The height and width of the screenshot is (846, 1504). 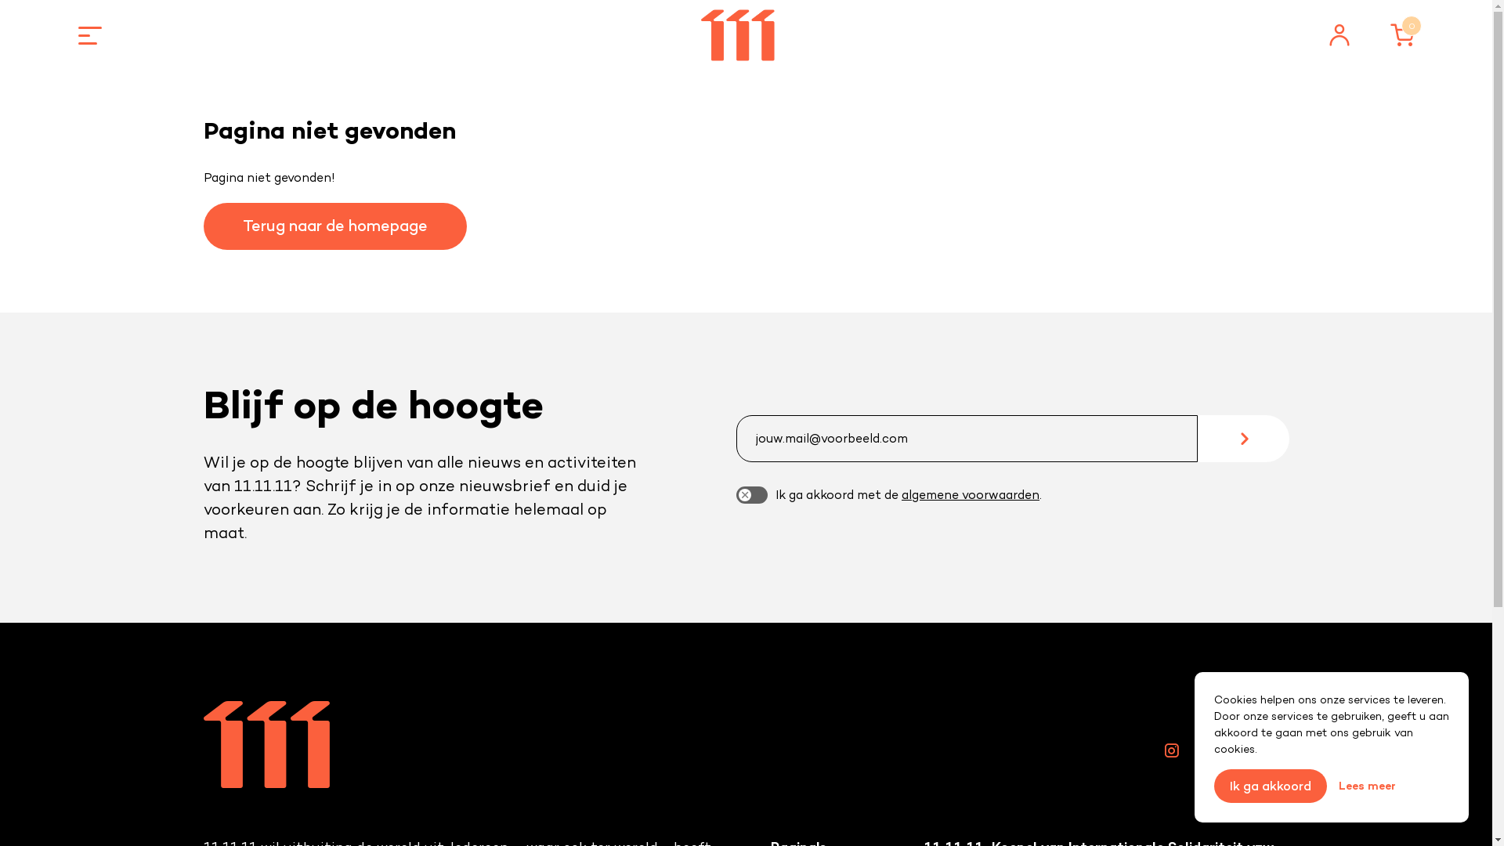 I want to click on '0', so click(x=1402, y=35).